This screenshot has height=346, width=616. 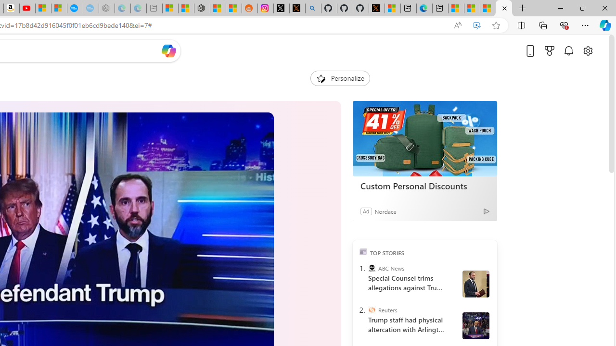 What do you see at coordinates (477, 25) in the screenshot?
I see `'Enhance video'` at bounding box center [477, 25].